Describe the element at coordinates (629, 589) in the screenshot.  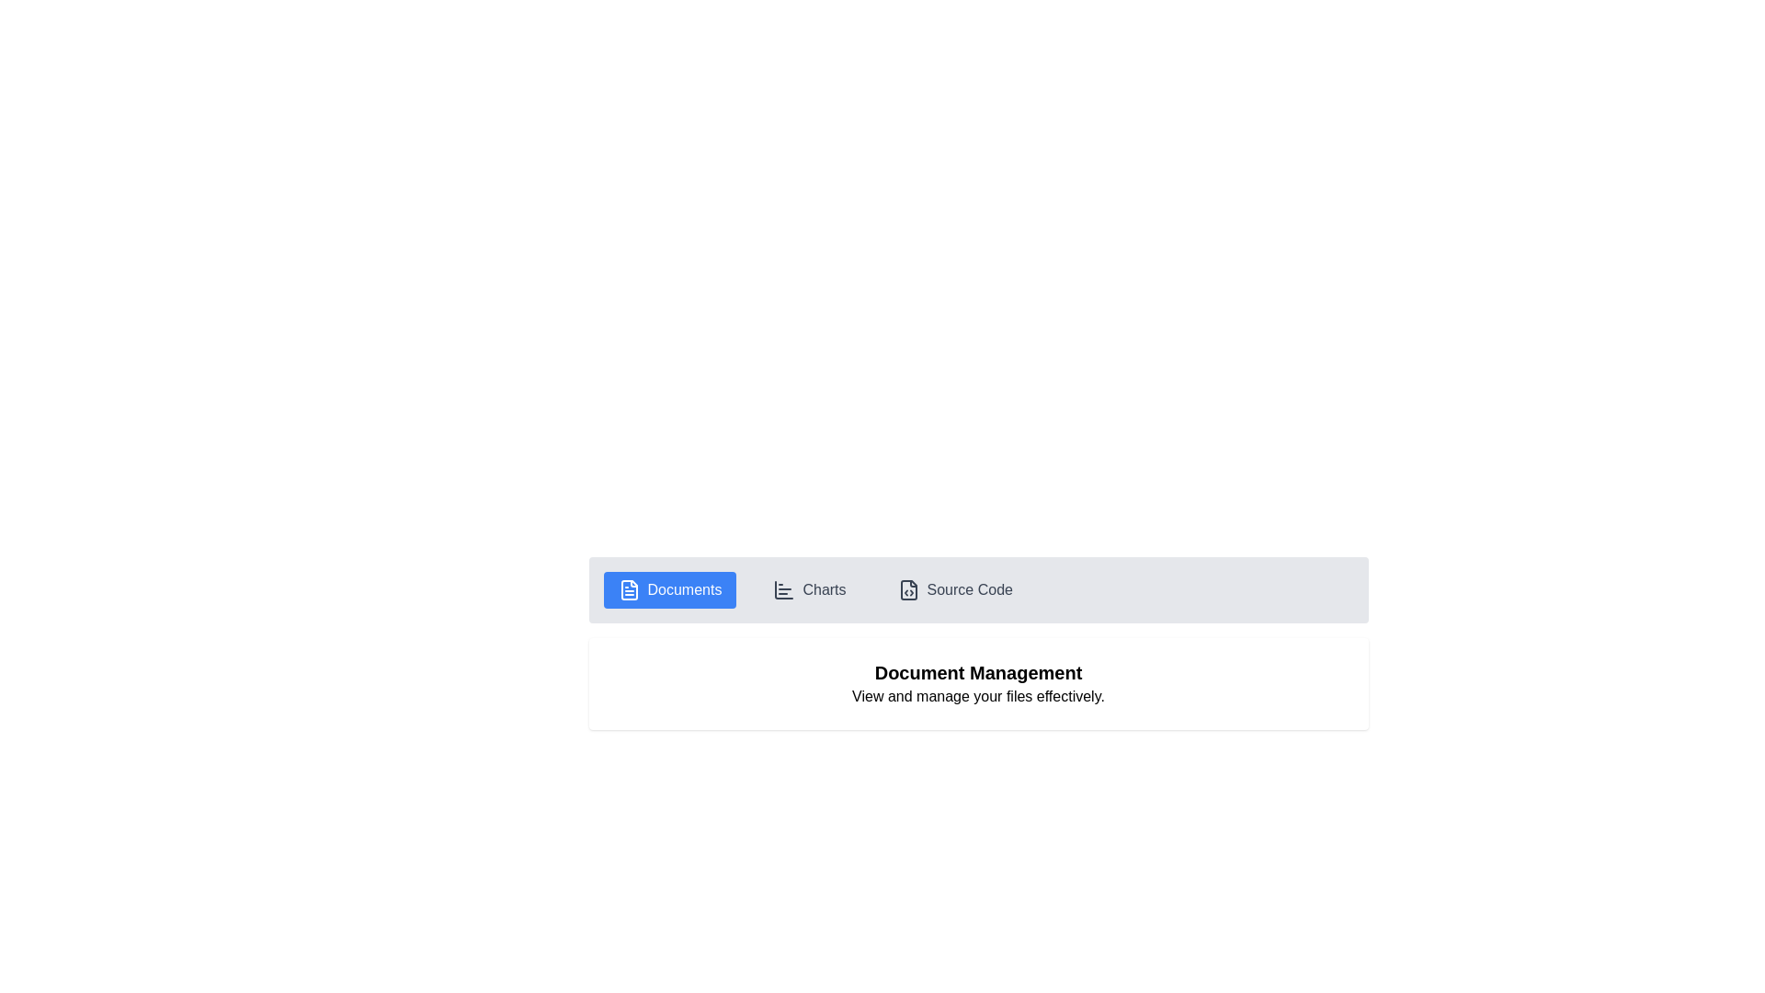
I see `the decorative icon located on the left side of the 'Documents' button text label` at that location.